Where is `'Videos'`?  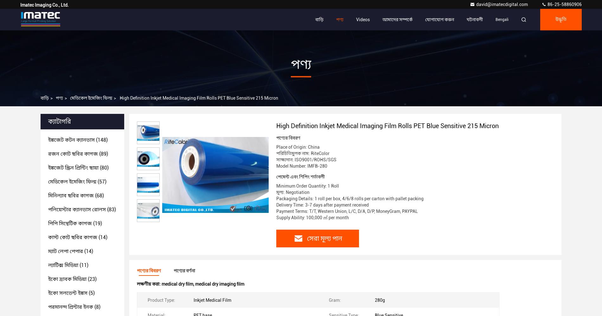 'Videos' is located at coordinates (363, 19).